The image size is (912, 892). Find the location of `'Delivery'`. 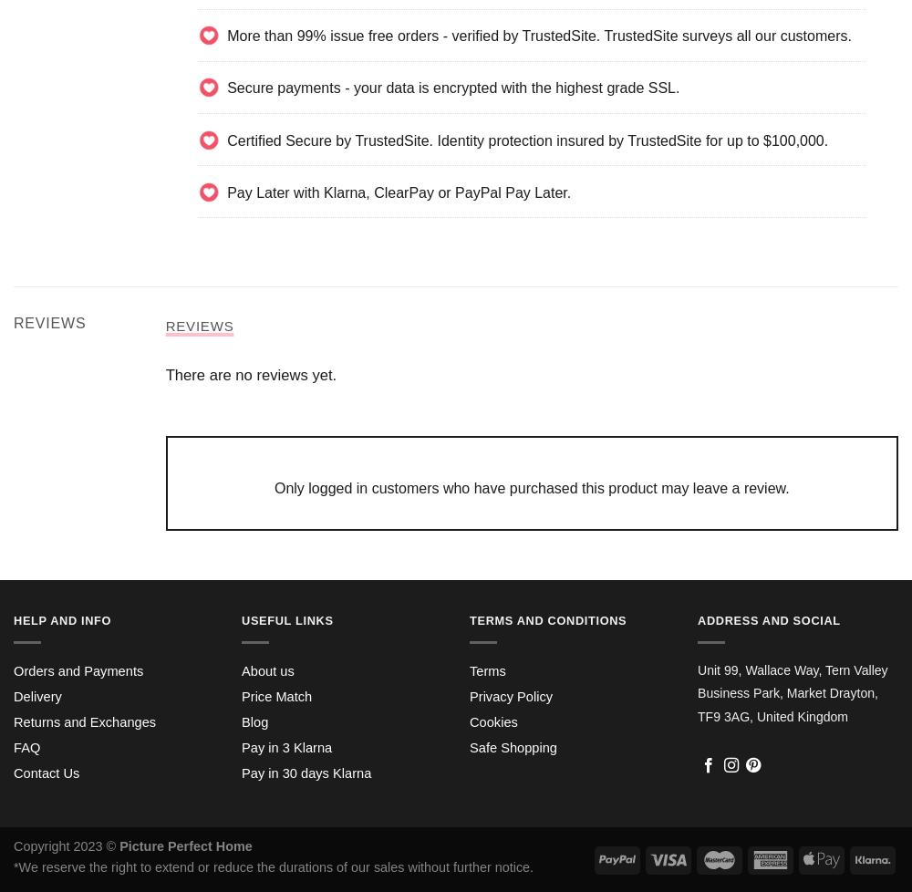

'Delivery' is located at coordinates (37, 695).